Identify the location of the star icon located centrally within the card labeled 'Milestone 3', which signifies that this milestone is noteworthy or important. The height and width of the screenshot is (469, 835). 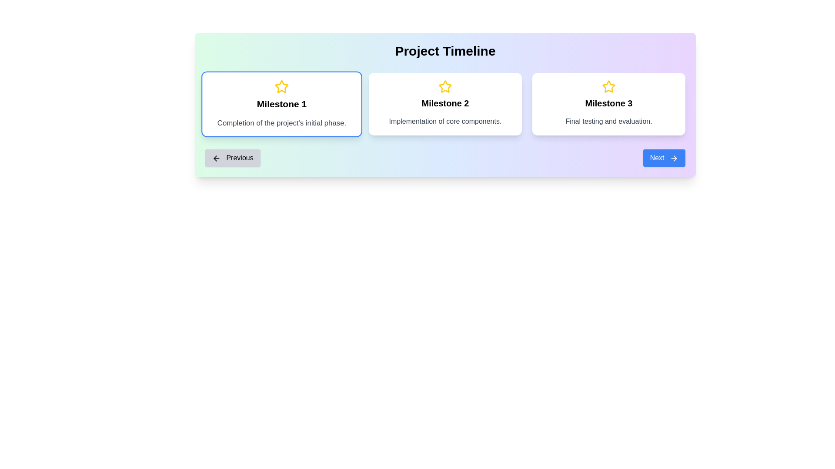
(608, 86).